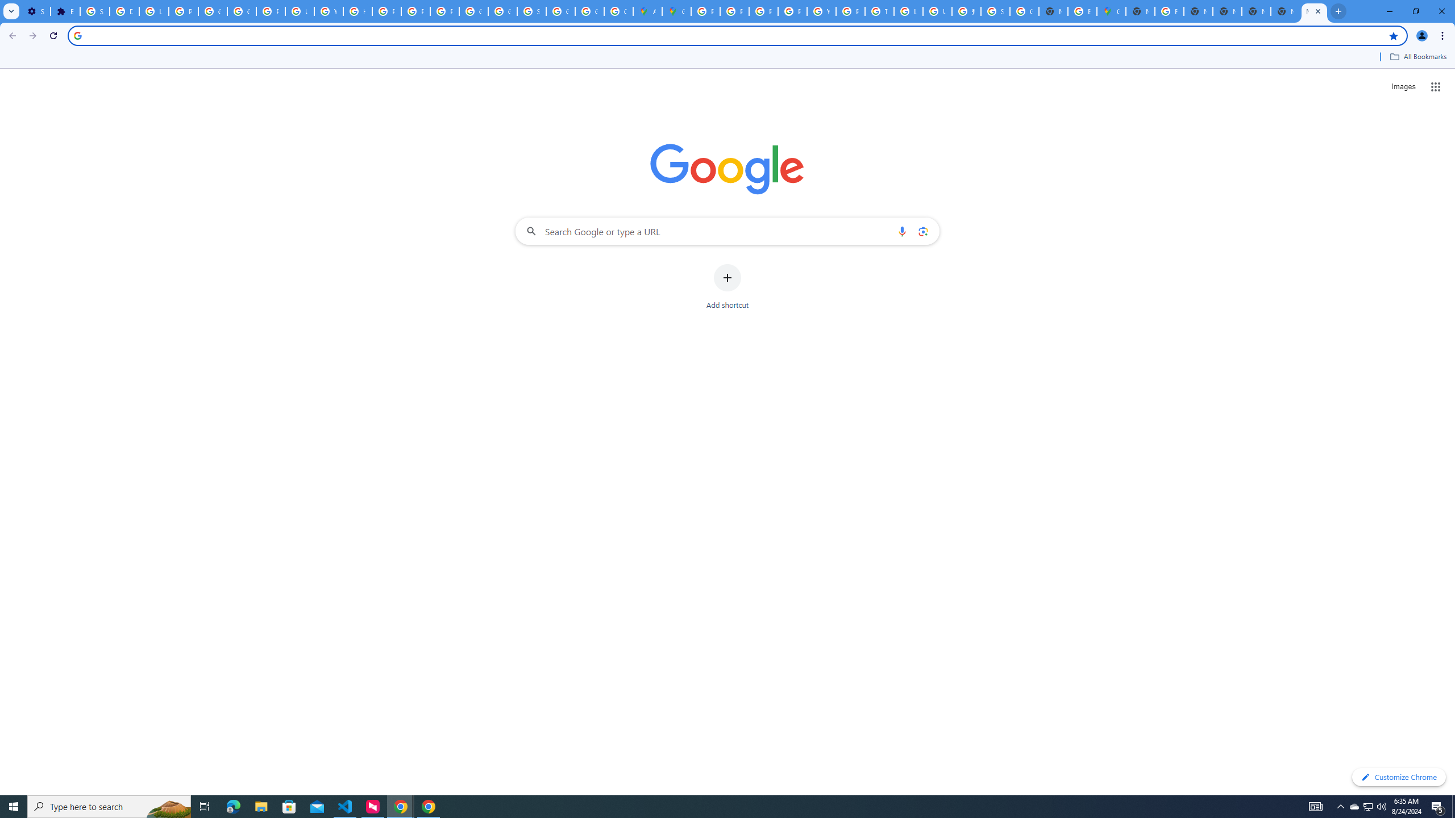  What do you see at coordinates (704, 11) in the screenshot?
I see `'Policy Accountability and Transparency - Transparency Center'` at bounding box center [704, 11].